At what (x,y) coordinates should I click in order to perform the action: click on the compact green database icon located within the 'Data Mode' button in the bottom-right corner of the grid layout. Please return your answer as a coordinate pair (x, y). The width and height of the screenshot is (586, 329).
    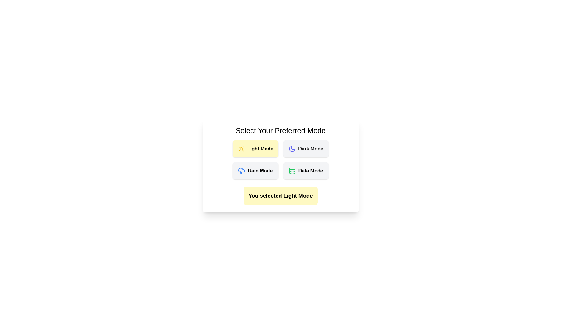
    Looking at the image, I should click on (292, 171).